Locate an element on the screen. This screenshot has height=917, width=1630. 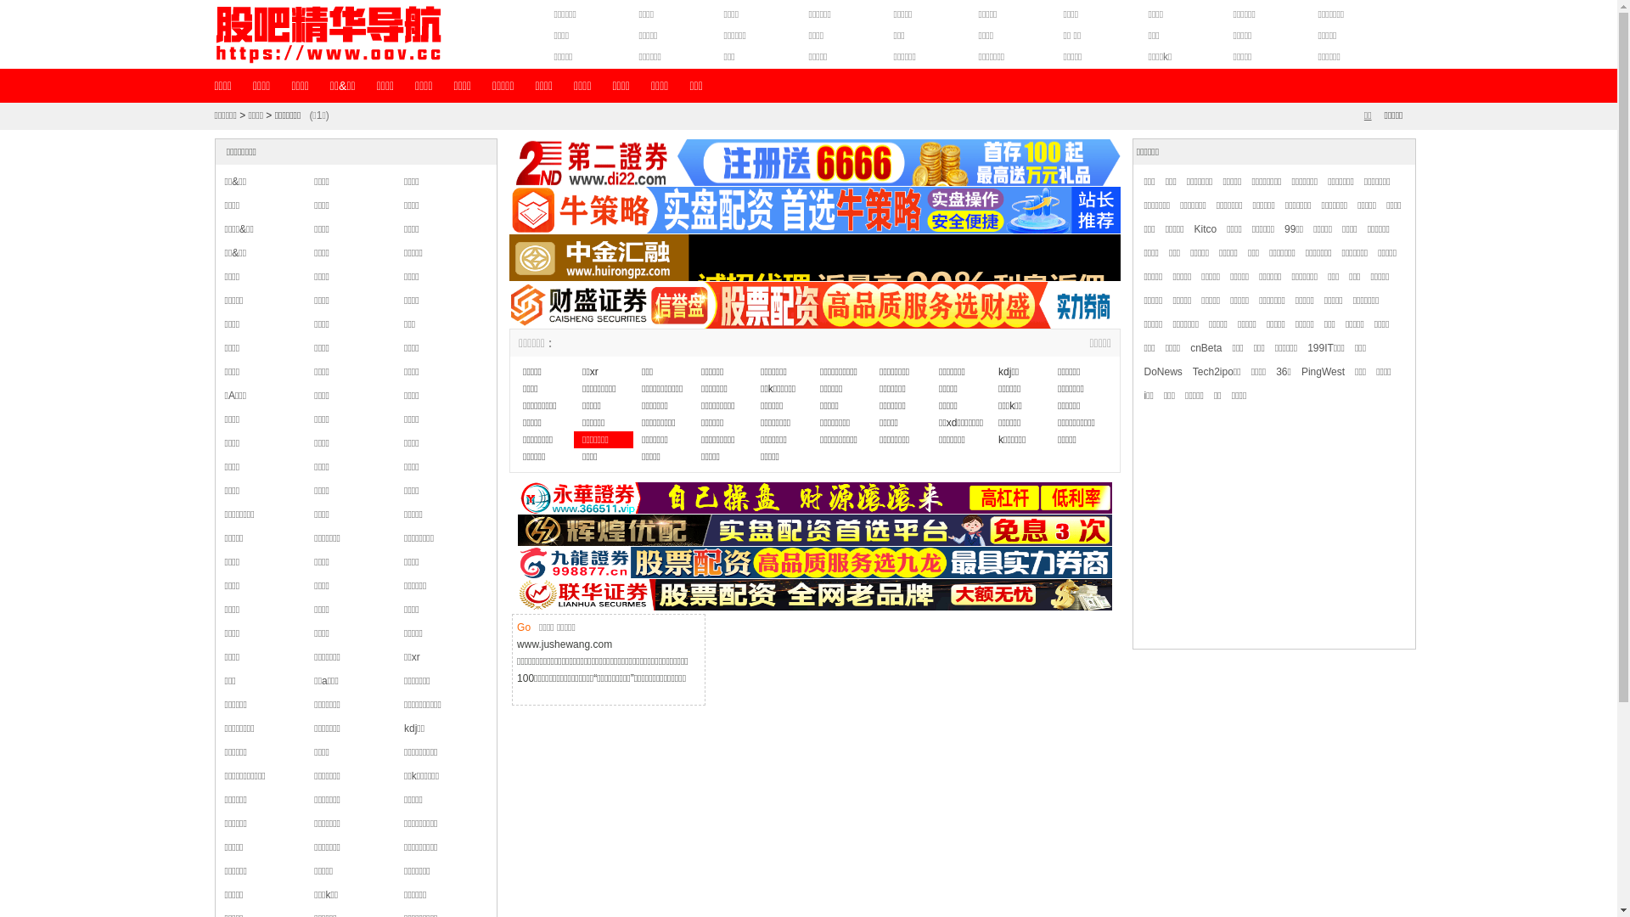
'cnBeta' is located at coordinates (1205, 346).